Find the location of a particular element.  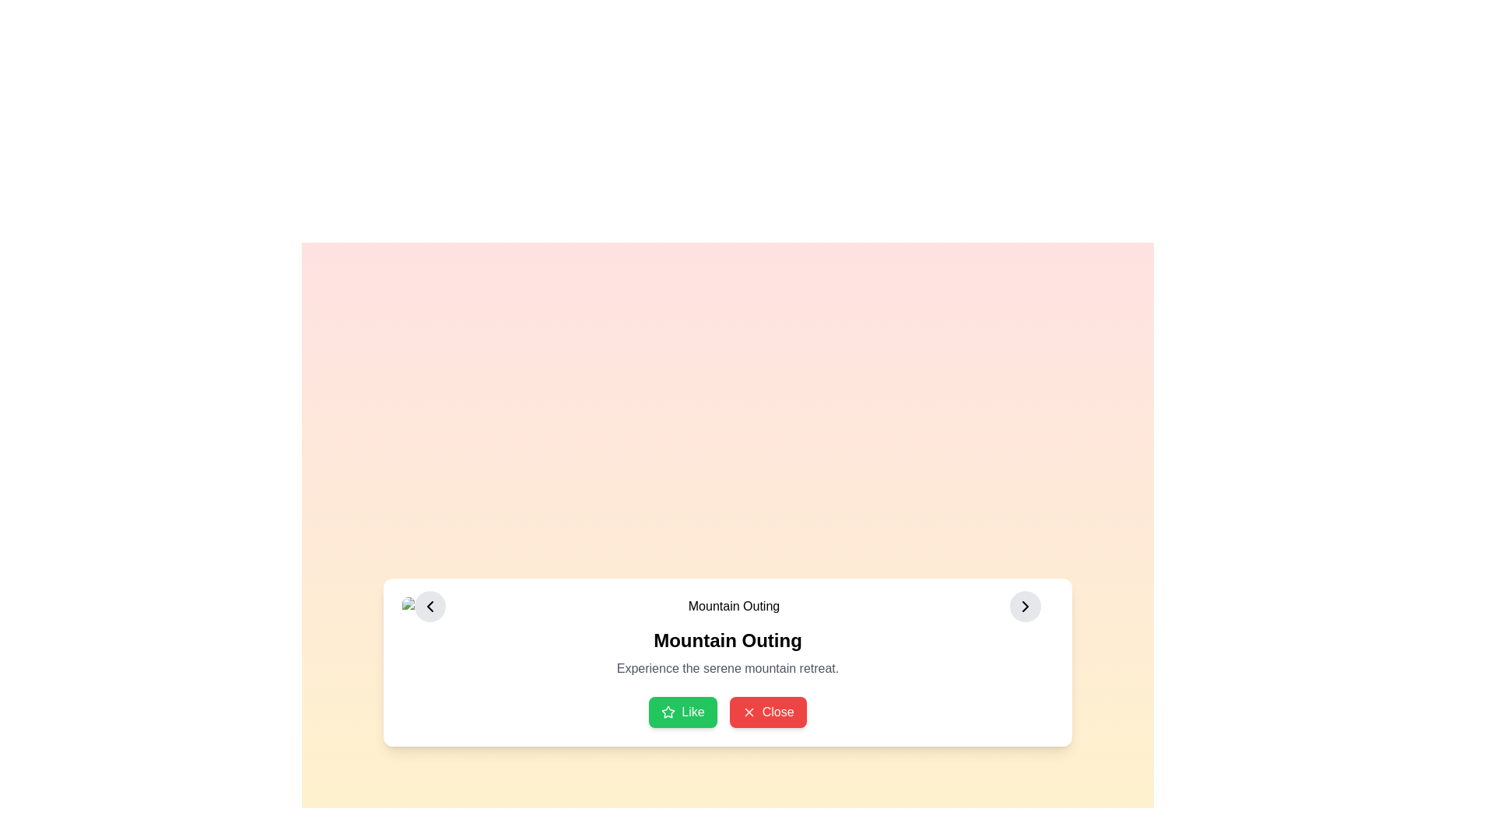

the left-facing chevron arrow icon, which is located within a circular button on the left side of the card is located at coordinates (430, 605).